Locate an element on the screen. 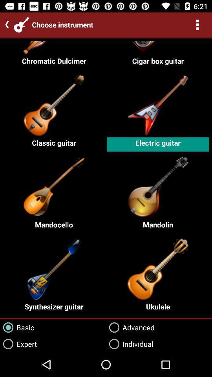 The height and width of the screenshot is (377, 212). the image above the text synthesizer guitar on the web page is located at coordinates (54, 268).